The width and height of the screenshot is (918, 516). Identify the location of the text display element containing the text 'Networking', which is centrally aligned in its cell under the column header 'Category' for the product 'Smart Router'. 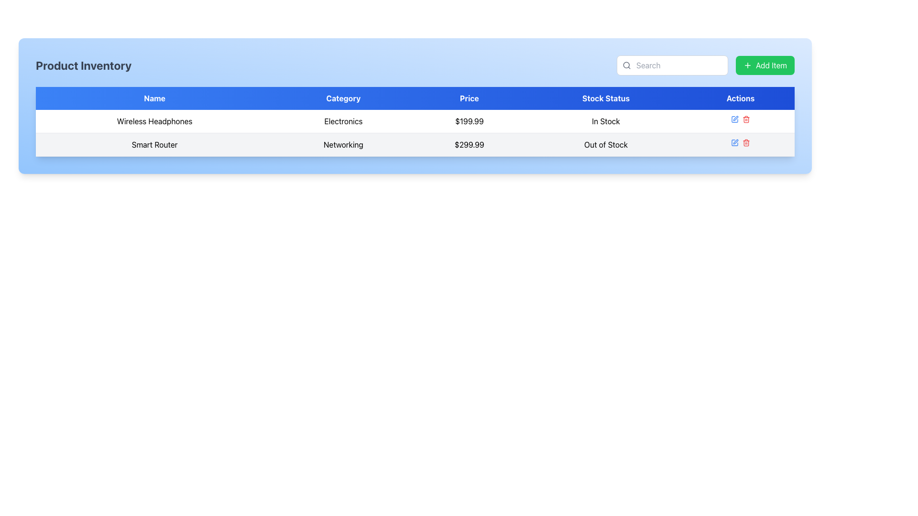
(343, 145).